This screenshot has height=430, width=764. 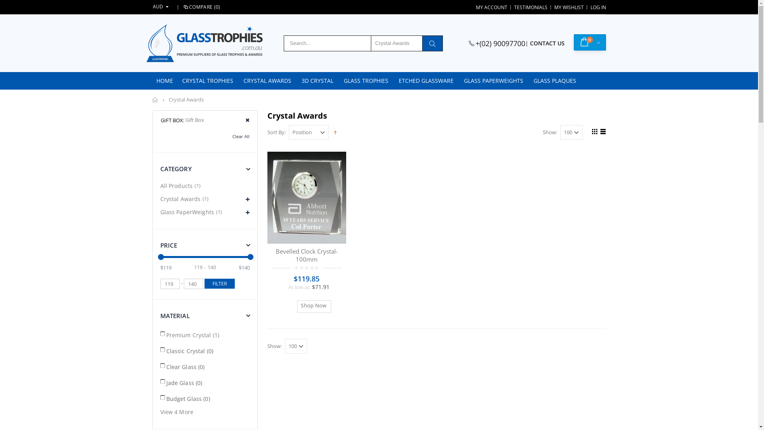 I want to click on 'MY ACCOUNT', so click(x=491, y=7).